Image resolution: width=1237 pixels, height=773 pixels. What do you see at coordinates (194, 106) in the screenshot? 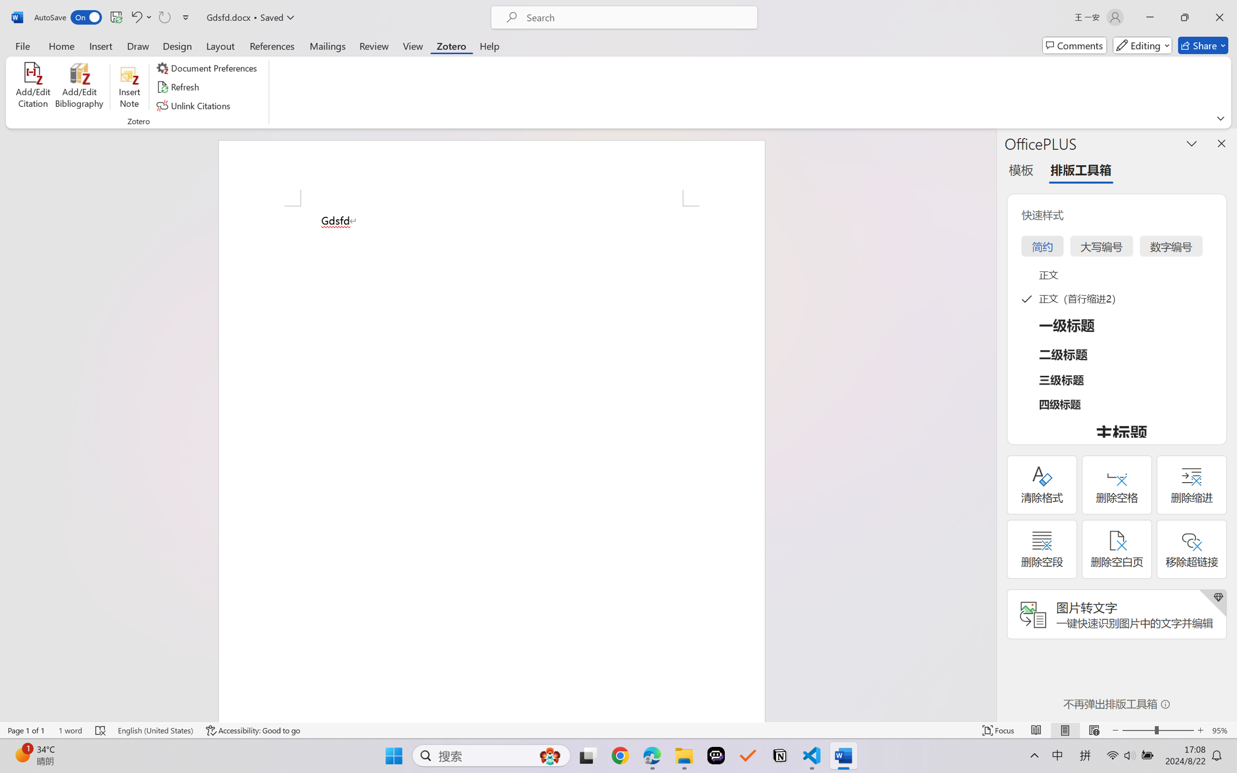
I see `'Unlink Citations'` at bounding box center [194, 106].